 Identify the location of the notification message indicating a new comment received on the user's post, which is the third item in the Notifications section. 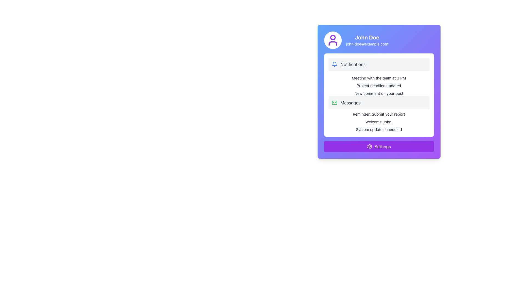
(379, 93).